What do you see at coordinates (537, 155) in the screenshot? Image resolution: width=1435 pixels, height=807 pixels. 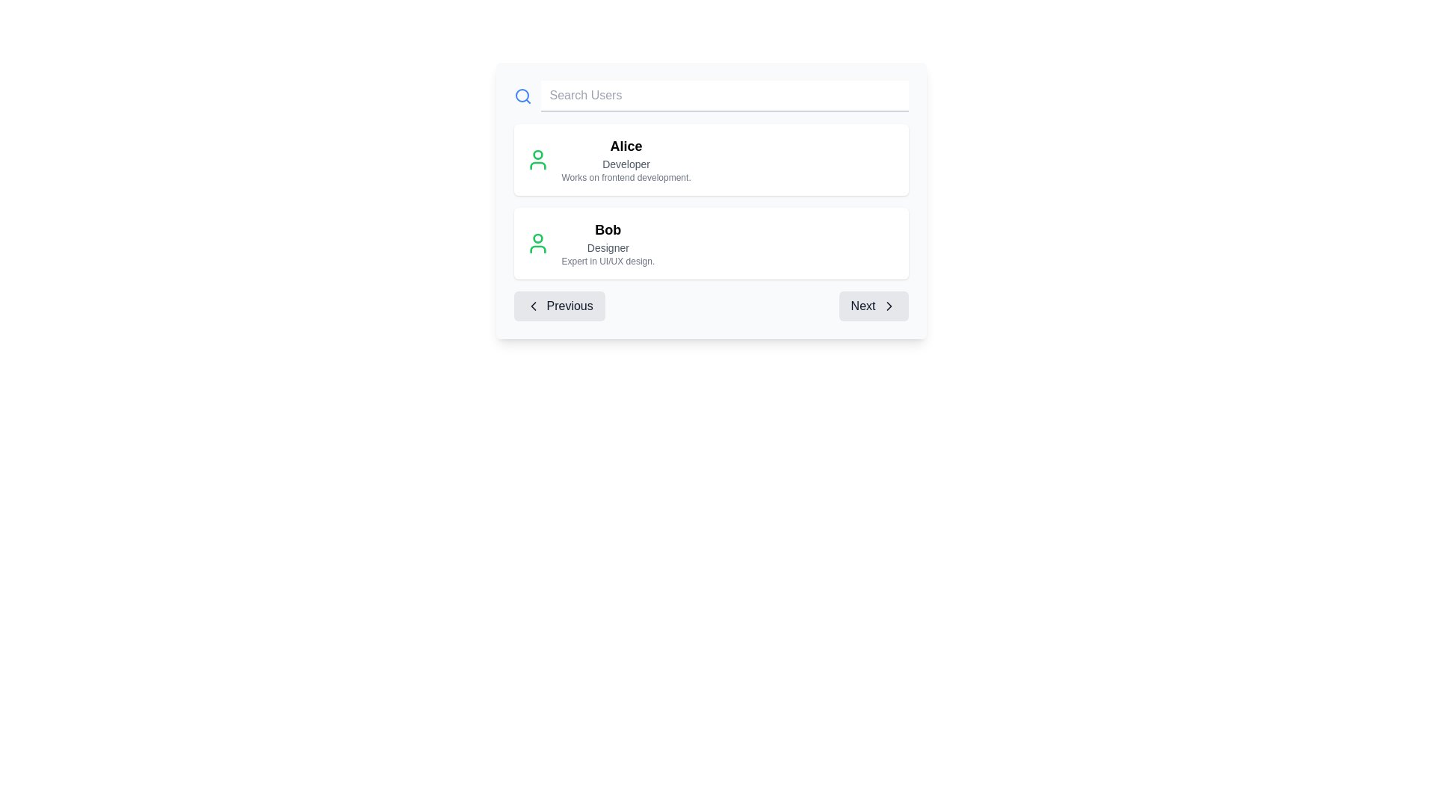 I see `the circular graphical element representing the user icon for 'Alice', which is located at the top center of the user profile icon` at bounding box center [537, 155].